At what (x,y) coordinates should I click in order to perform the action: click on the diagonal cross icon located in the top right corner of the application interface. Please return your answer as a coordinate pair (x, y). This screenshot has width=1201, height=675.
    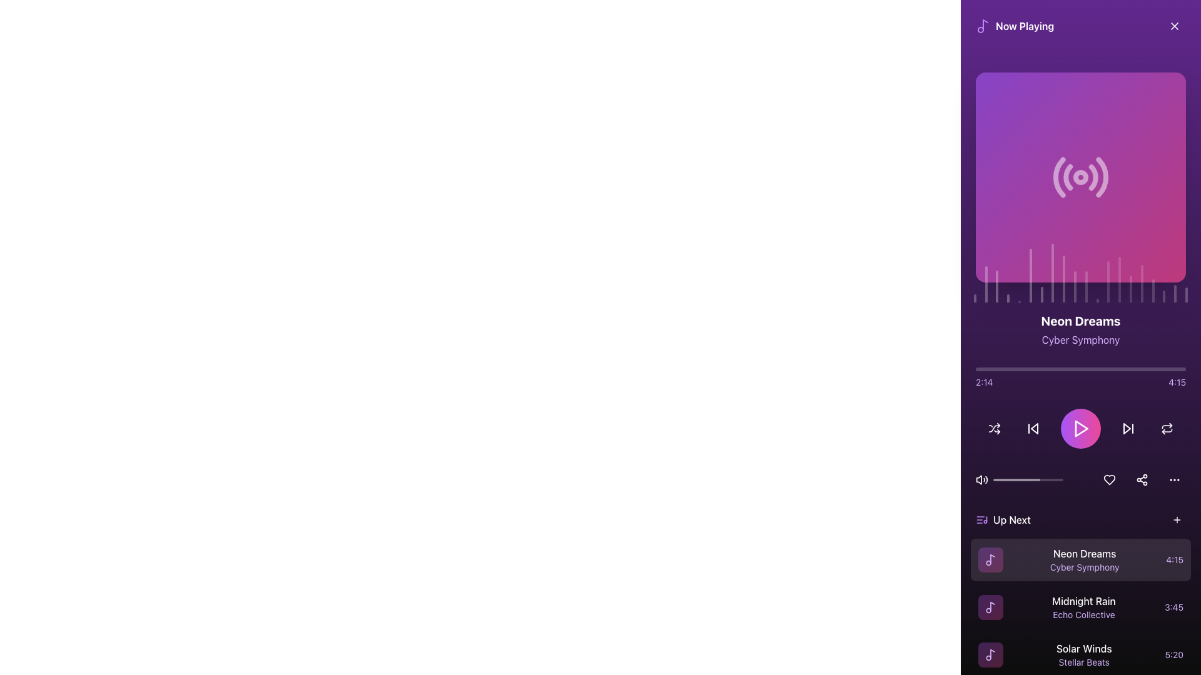
    Looking at the image, I should click on (1173, 26).